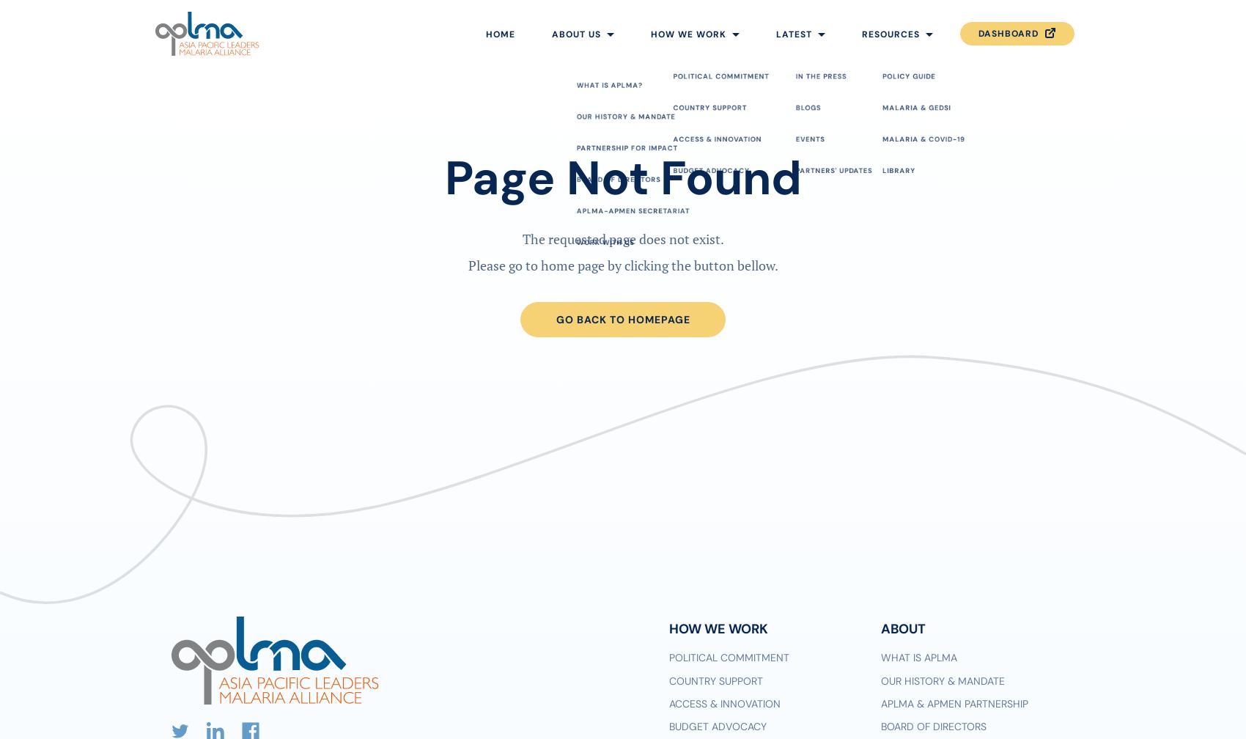  What do you see at coordinates (622, 319) in the screenshot?
I see `'Go back to homepage'` at bounding box center [622, 319].